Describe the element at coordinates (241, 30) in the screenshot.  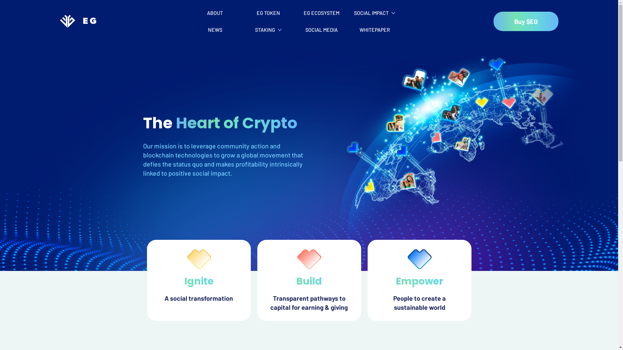
I see `'STAKING'` at that location.